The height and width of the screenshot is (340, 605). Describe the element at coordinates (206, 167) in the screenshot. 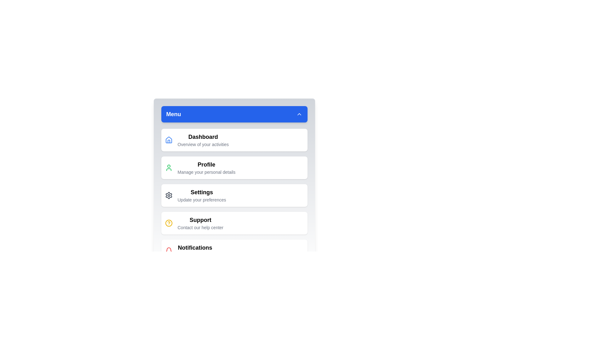

I see `details from the 'Profile' text block located in the 'Menu' section, which is the second item in the list` at that location.